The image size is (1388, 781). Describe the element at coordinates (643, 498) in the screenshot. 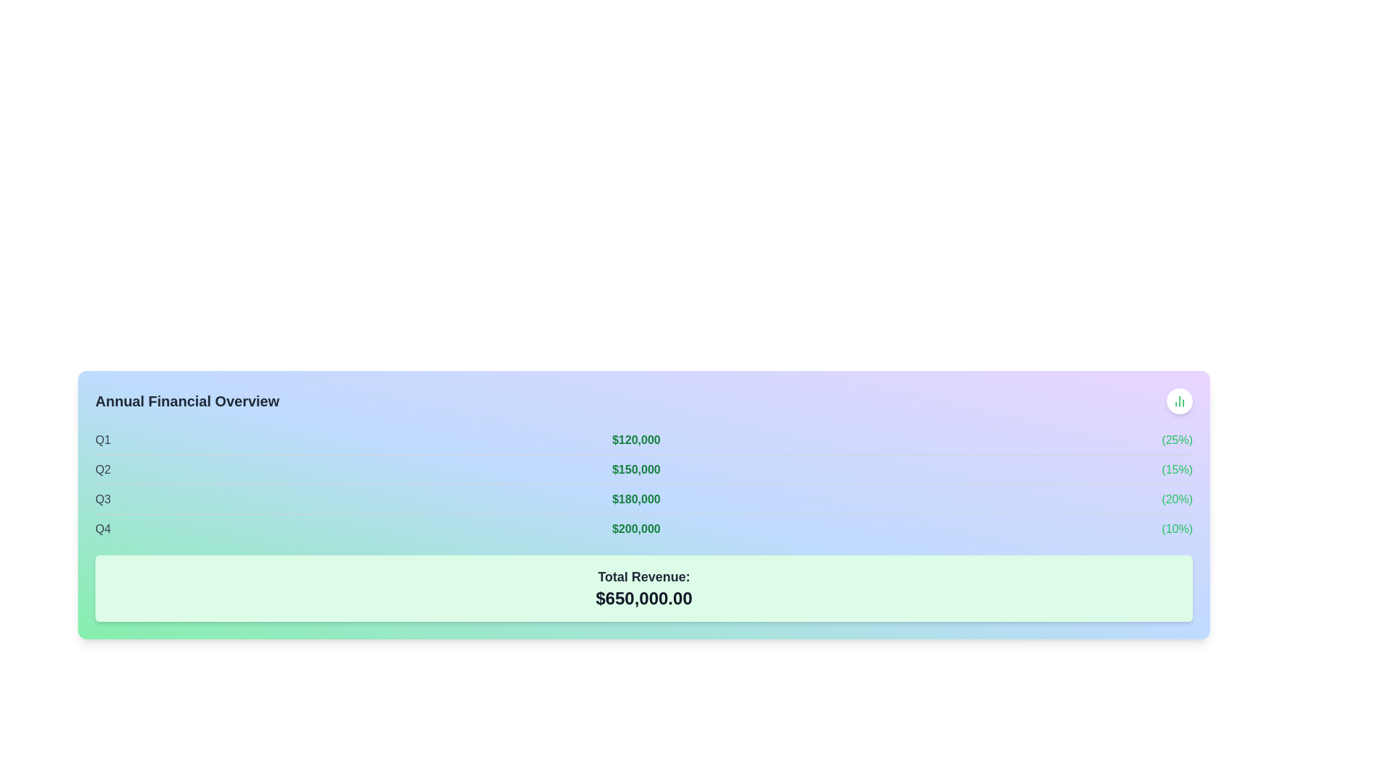

I see `third list item under 'Annual Financial Overview', which displays 'Q3' in gray, '$180,000' in bold green, and '(20%)' in lighter green` at that location.